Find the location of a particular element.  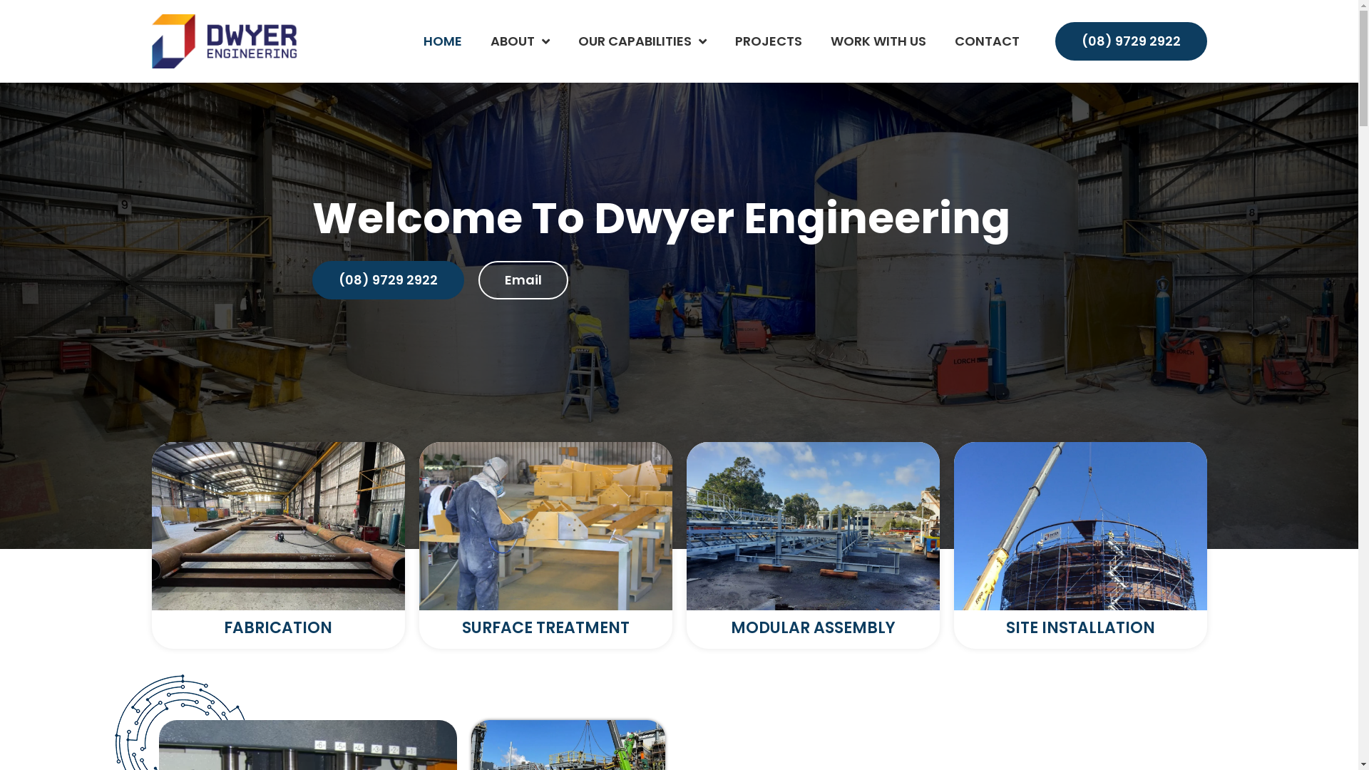

'OUR CAPABILITIES' is located at coordinates (641, 40).